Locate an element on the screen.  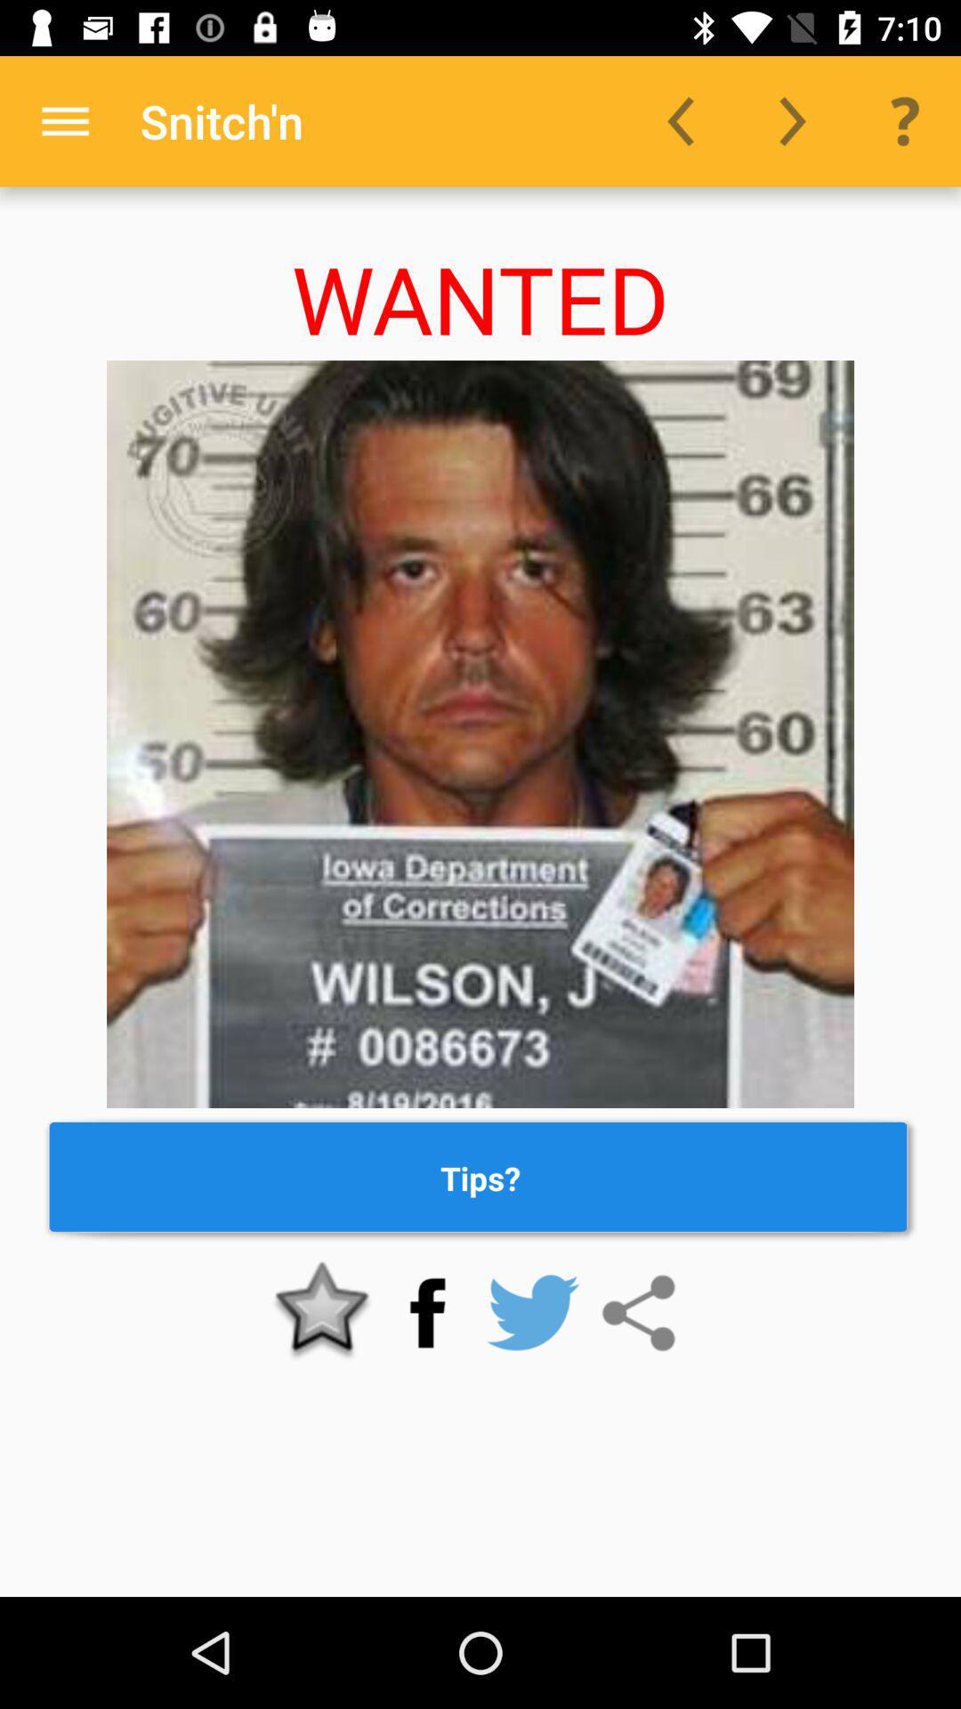
favorite button is located at coordinates (322, 1313).